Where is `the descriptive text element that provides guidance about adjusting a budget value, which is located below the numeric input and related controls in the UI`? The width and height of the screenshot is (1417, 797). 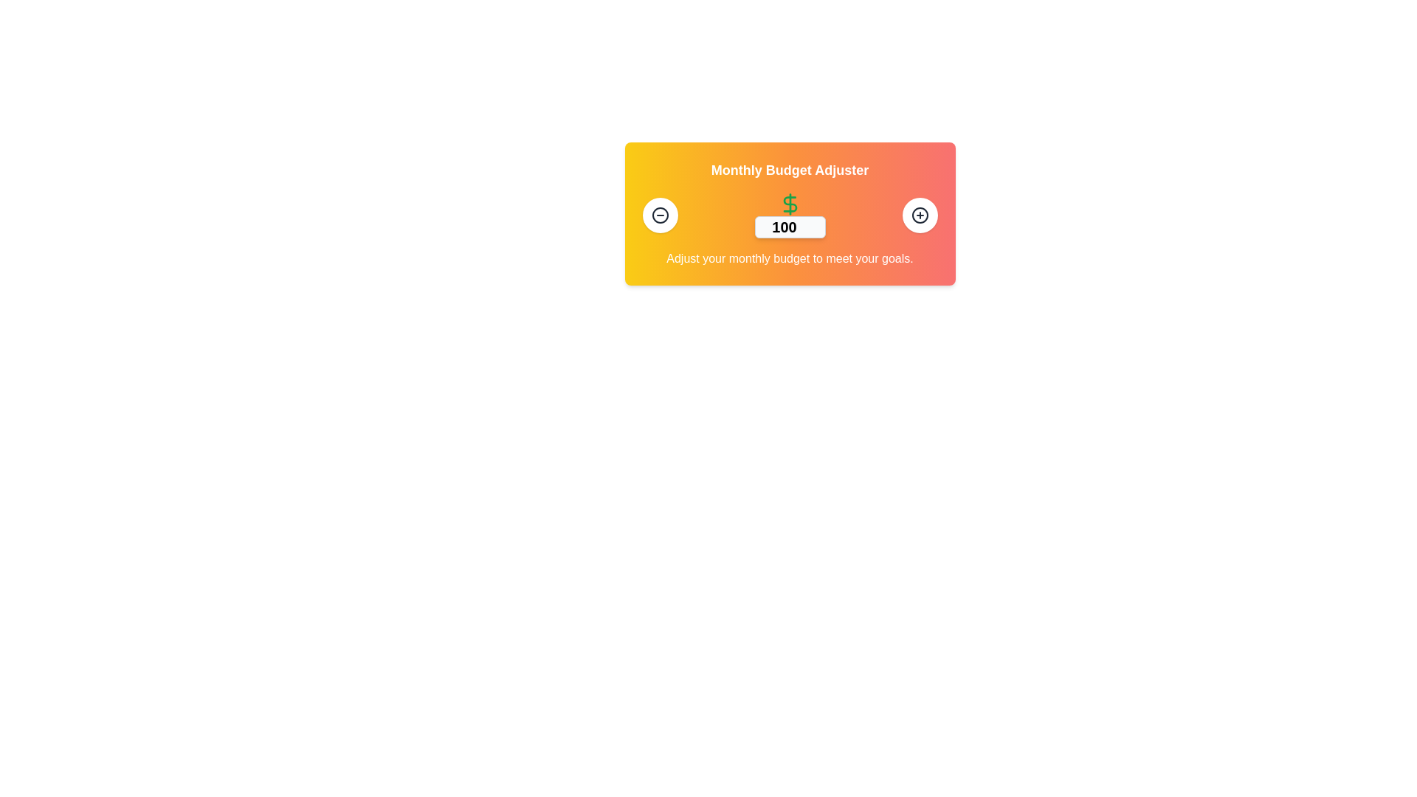
the descriptive text element that provides guidance about adjusting a budget value, which is located below the numeric input and related controls in the UI is located at coordinates (789, 258).